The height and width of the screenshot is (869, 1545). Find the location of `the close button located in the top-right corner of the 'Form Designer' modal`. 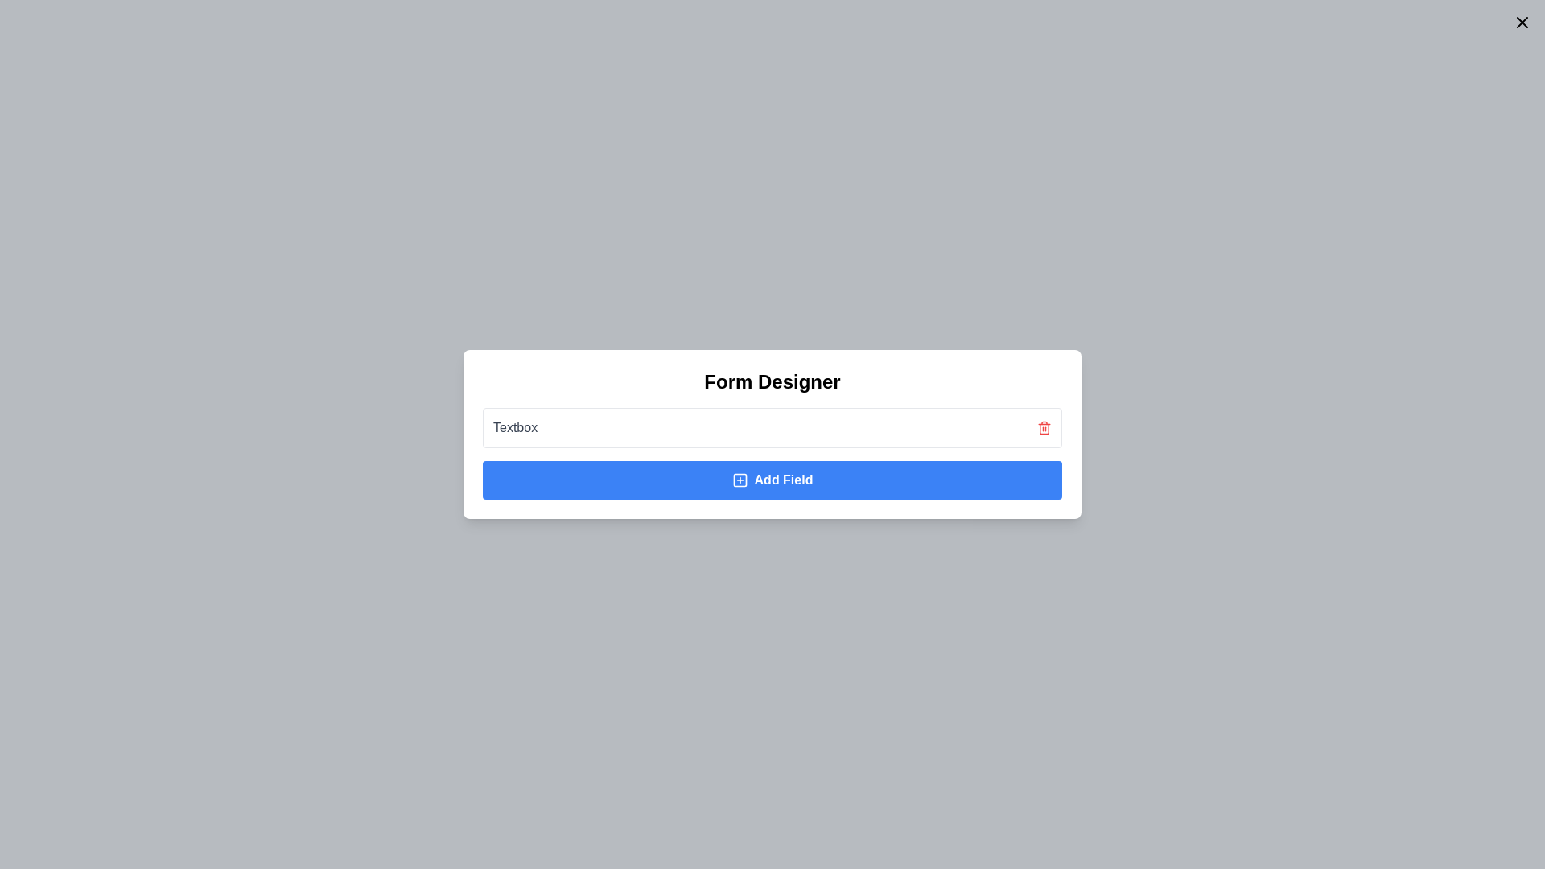

the close button located in the top-right corner of the 'Form Designer' modal is located at coordinates (1521, 22).